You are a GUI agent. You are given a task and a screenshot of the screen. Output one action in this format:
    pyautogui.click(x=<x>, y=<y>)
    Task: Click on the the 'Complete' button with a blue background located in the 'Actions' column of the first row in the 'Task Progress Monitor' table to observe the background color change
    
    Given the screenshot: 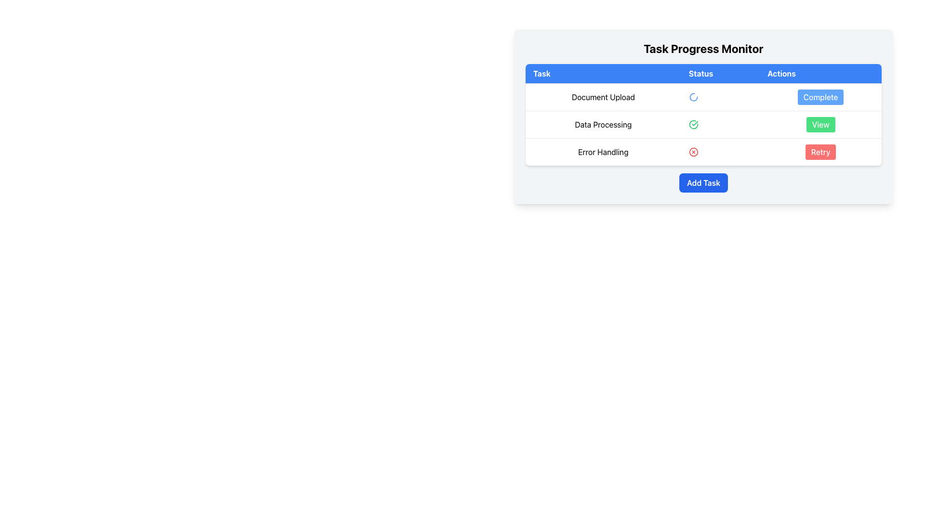 What is the action you would take?
    pyautogui.click(x=820, y=97)
    